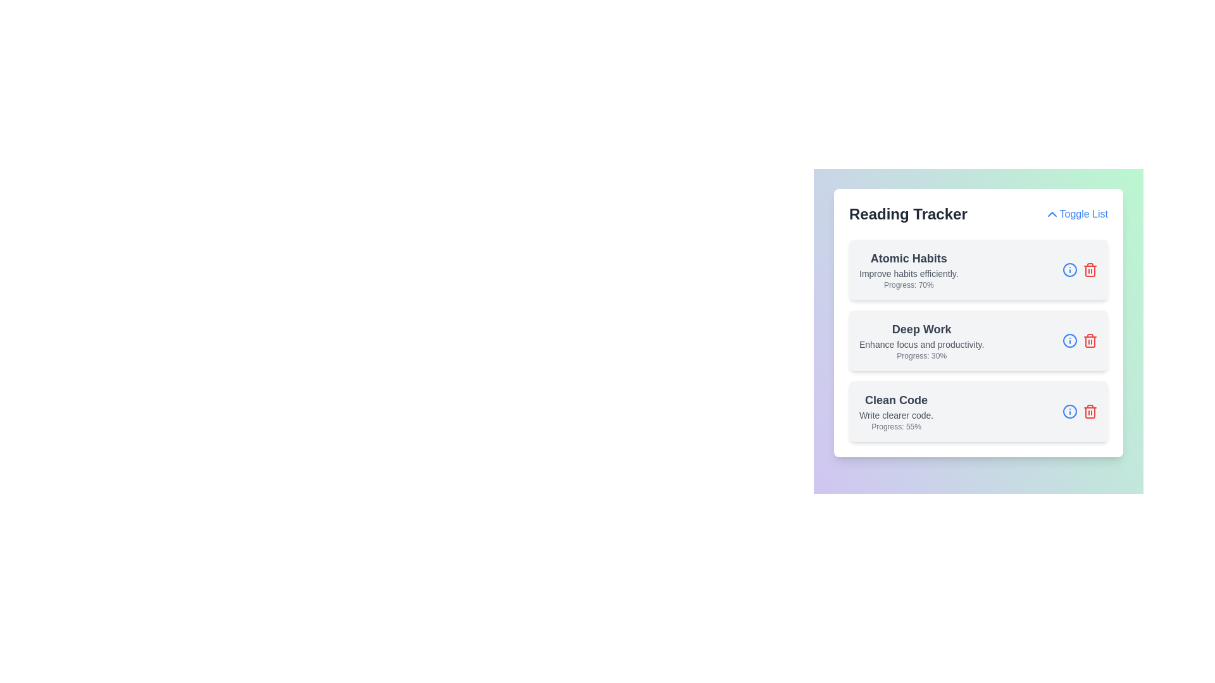  Describe the element at coordinates (1069, 340) in the screenshot. I see `the Interactive Icon Button located to the far right of the 'Atomic Habits' entry in the 'Reading Tracker' list` at that location.